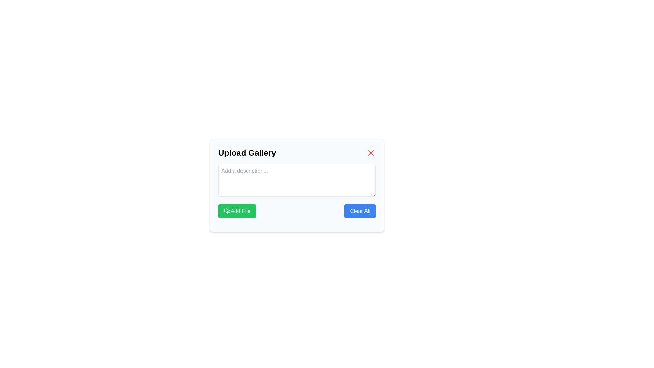 The height and width of the screenshot is (368, 654). I want to click on the 'Add File' button located at the bottom left section of the central dialog interface, so click(237, 211).